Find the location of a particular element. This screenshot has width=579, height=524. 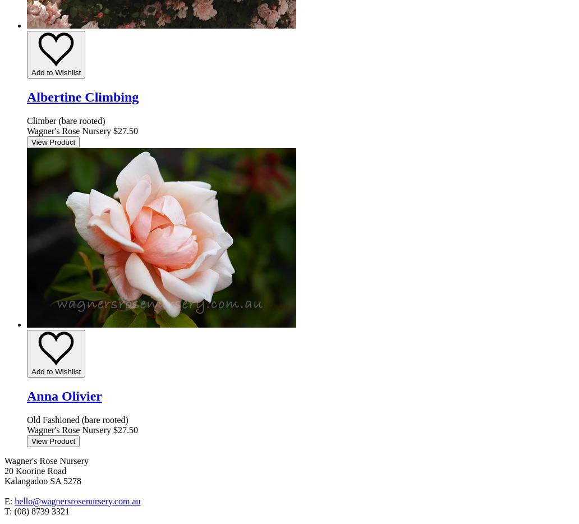

'Anna Olivier' is located at coordinates (64, 395).